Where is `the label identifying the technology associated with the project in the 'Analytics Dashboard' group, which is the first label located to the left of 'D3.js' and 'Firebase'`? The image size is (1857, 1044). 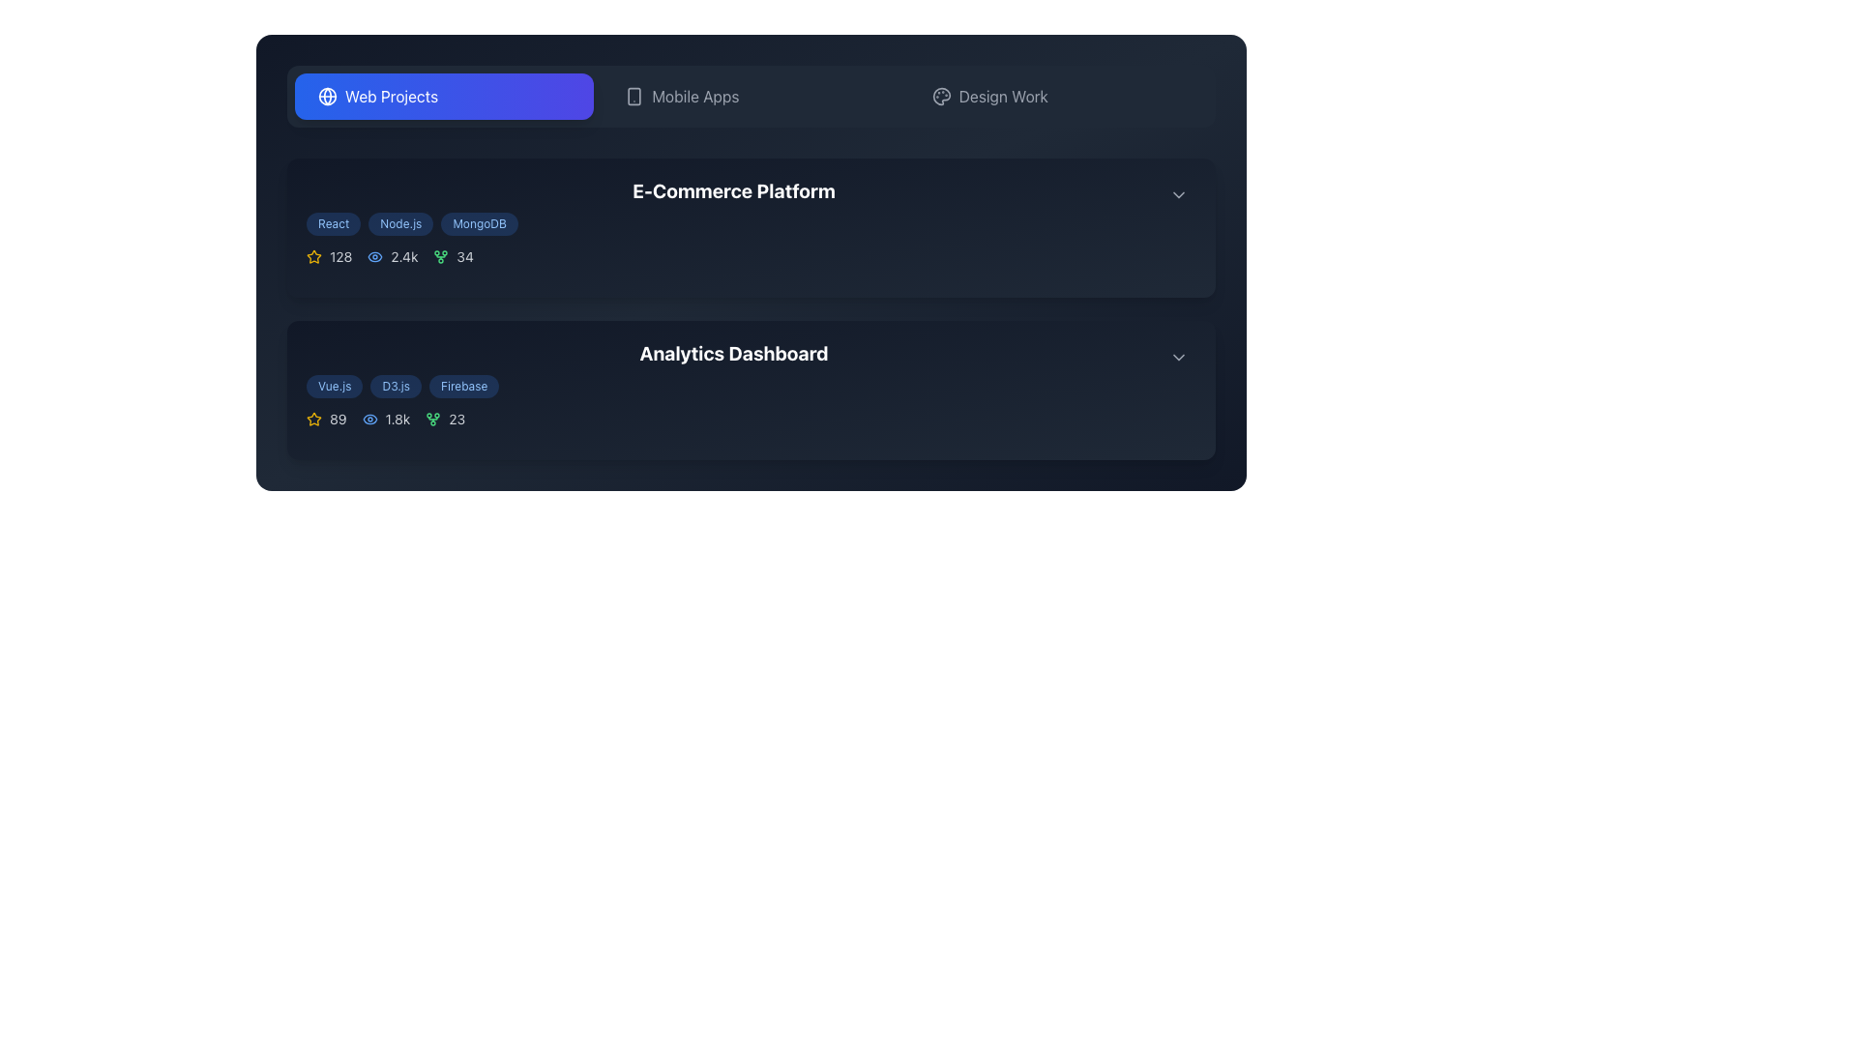
the label identifying the technology associated with the project in the 'Analytics Dashboard' group, which is the first label located to the left of 'D3.js' and 'Firebase' is located at coordinates (335, 387).